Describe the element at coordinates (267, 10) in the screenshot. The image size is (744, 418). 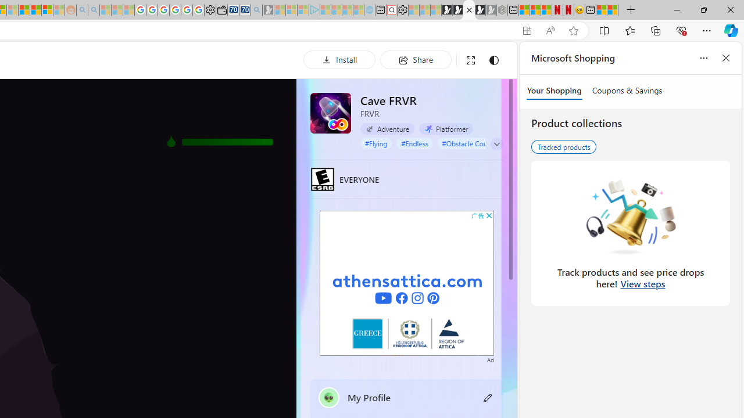
I see `'Microsoft Start Gaming - Sleeping'` at that location.